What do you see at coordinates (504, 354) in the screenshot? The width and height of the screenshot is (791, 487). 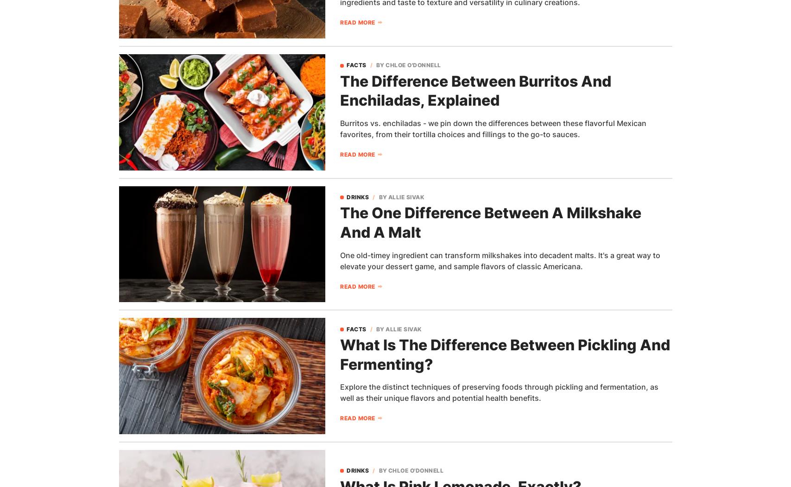 I see `'What Is The Difference Between Pickling And Fermenting?'` at bounding box center [504, 354].